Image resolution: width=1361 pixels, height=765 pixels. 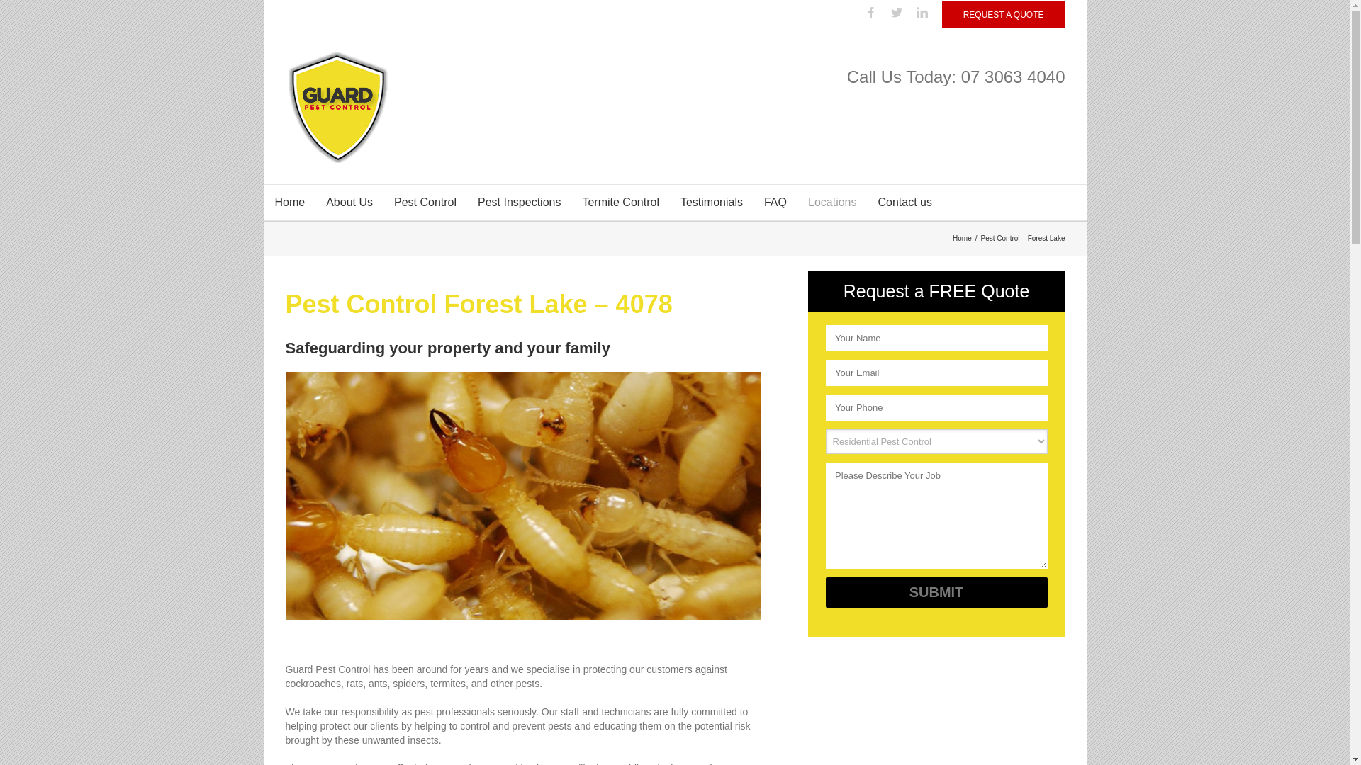 I want to click on 'Pest Control', so click(x=425, y=202).